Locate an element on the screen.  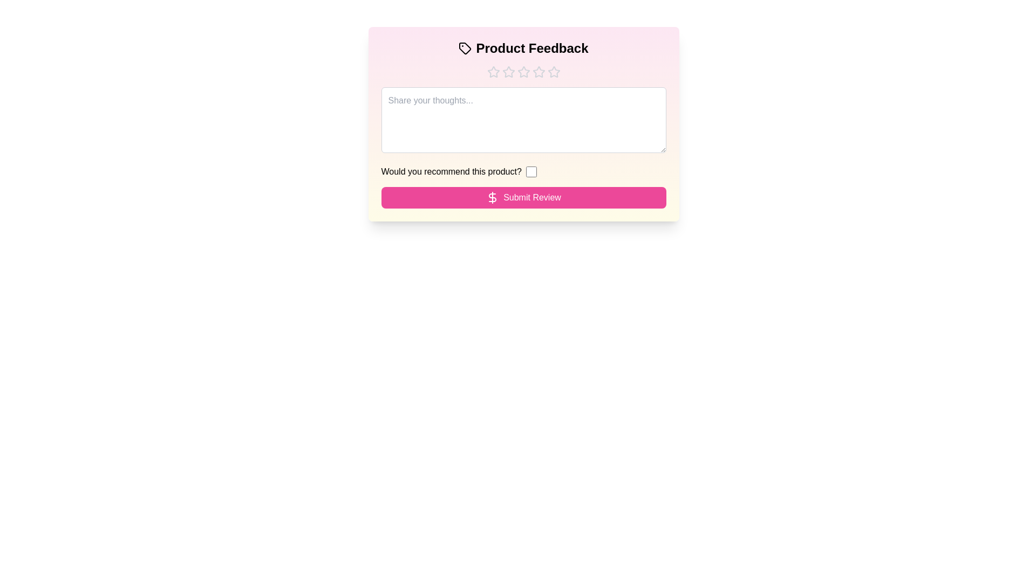
the star corresponding to the rating 1 to set the product rating is located at coordinates (493, 72).